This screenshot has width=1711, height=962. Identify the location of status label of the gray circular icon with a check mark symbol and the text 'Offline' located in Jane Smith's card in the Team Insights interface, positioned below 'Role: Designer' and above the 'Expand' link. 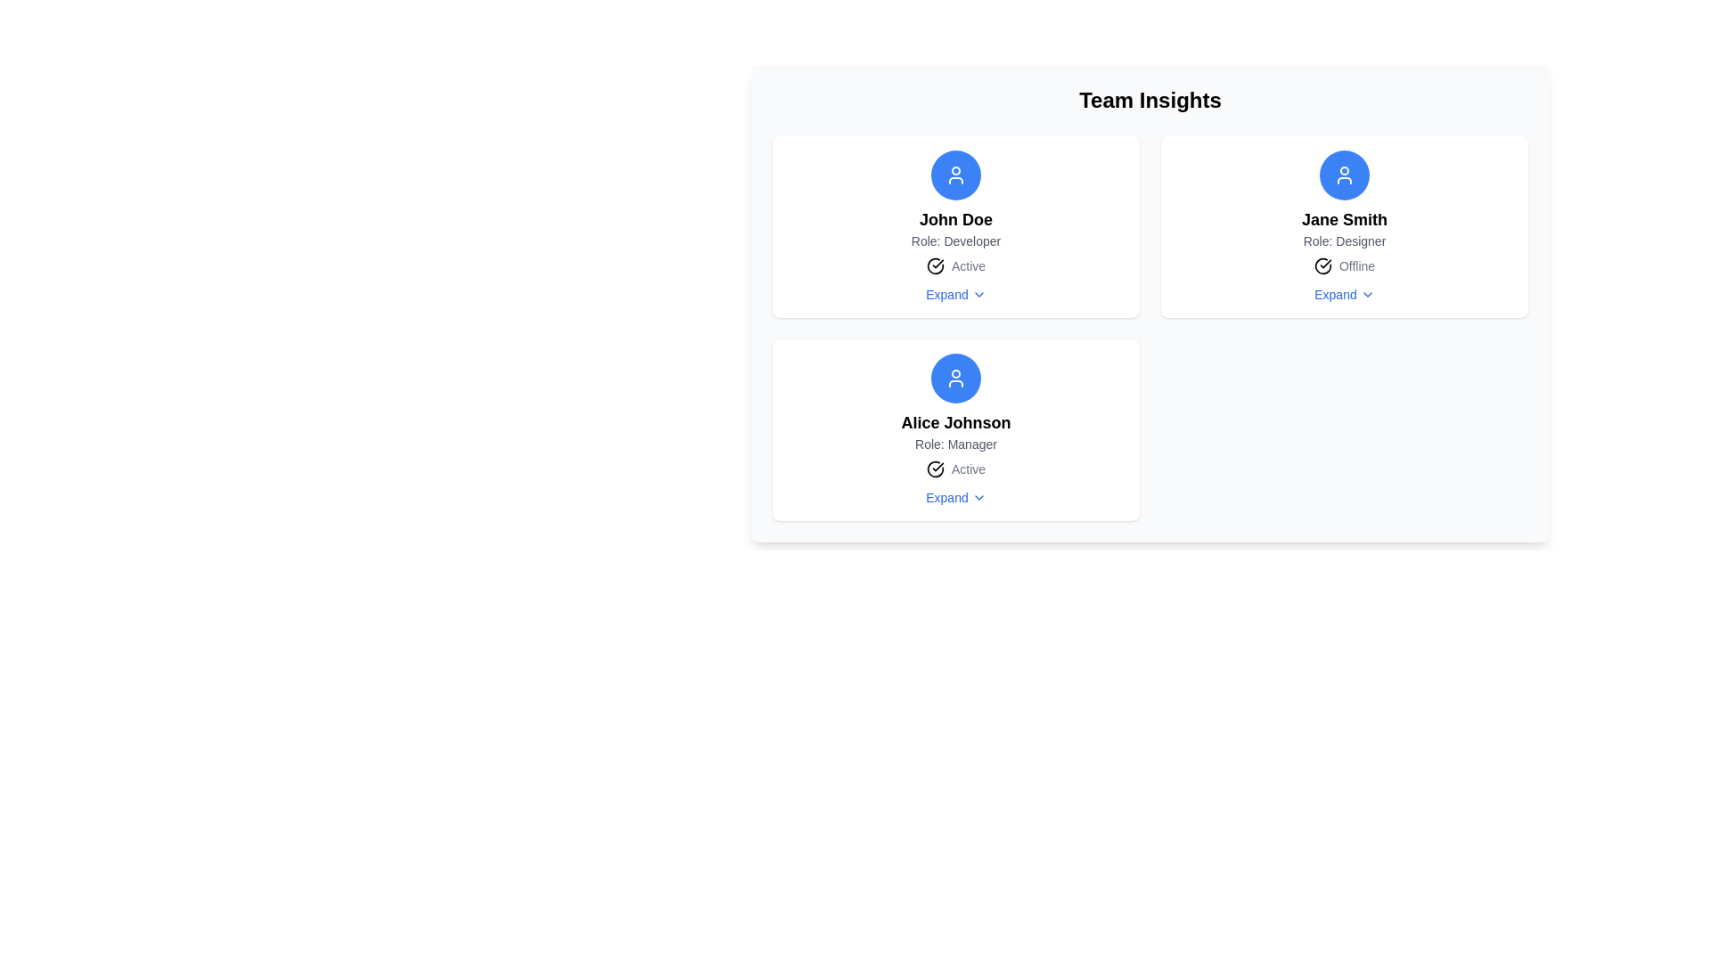
(1344, 266).